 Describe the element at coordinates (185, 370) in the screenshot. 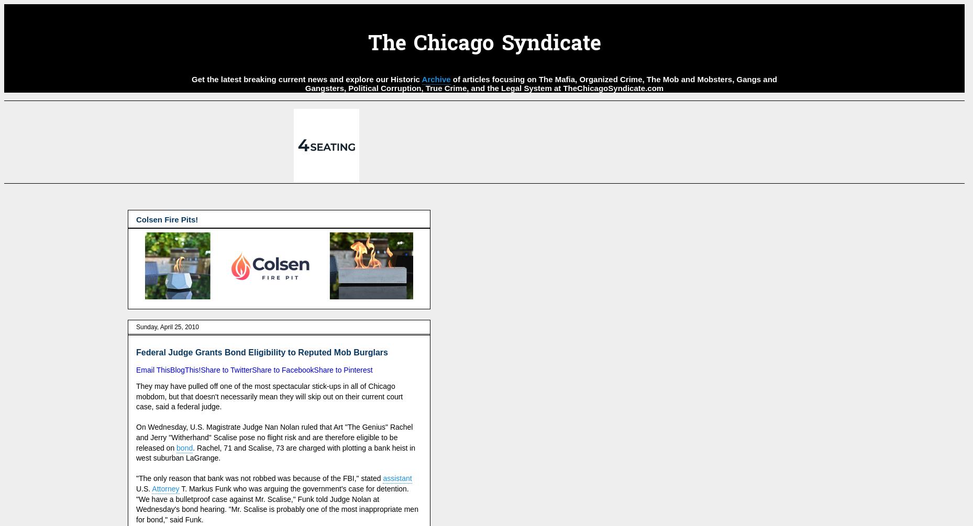

I see `'BlogThis!'` at that location.